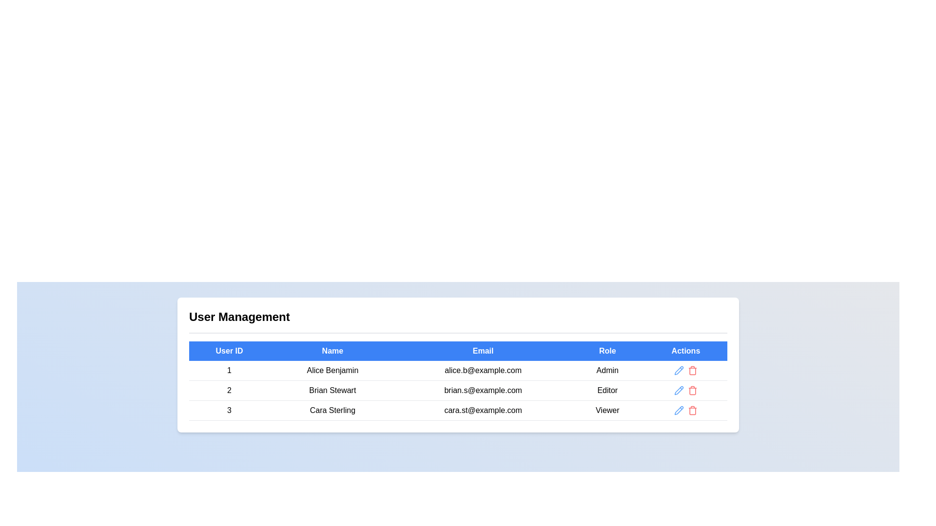  Describe the element at coordinates (692, 370) in the screenshot. I see `the delete button, represented by a red trash bin icon, located in the last column of the first row in the table under the 'Actions' header` at that location.